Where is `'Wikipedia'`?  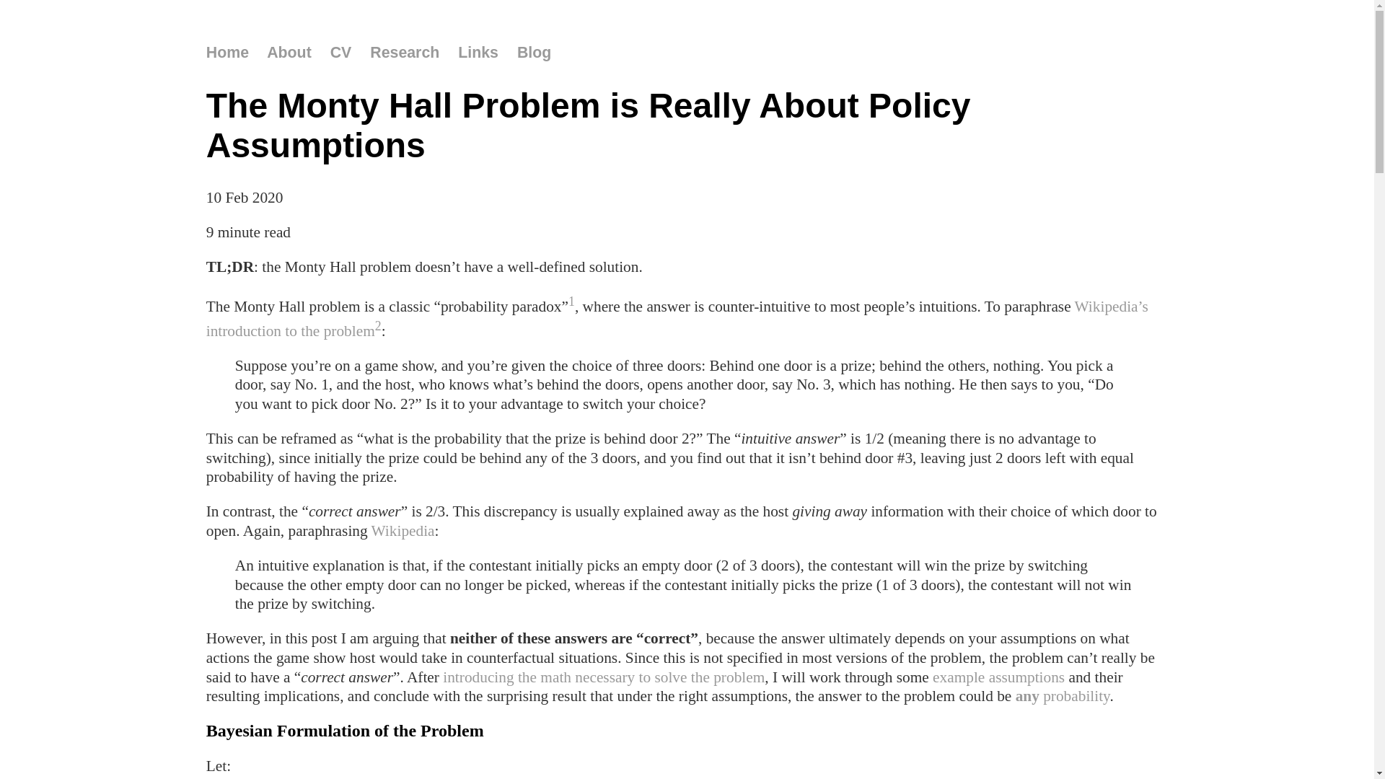
'Wikipedia' is located at coordinates (371, 531).